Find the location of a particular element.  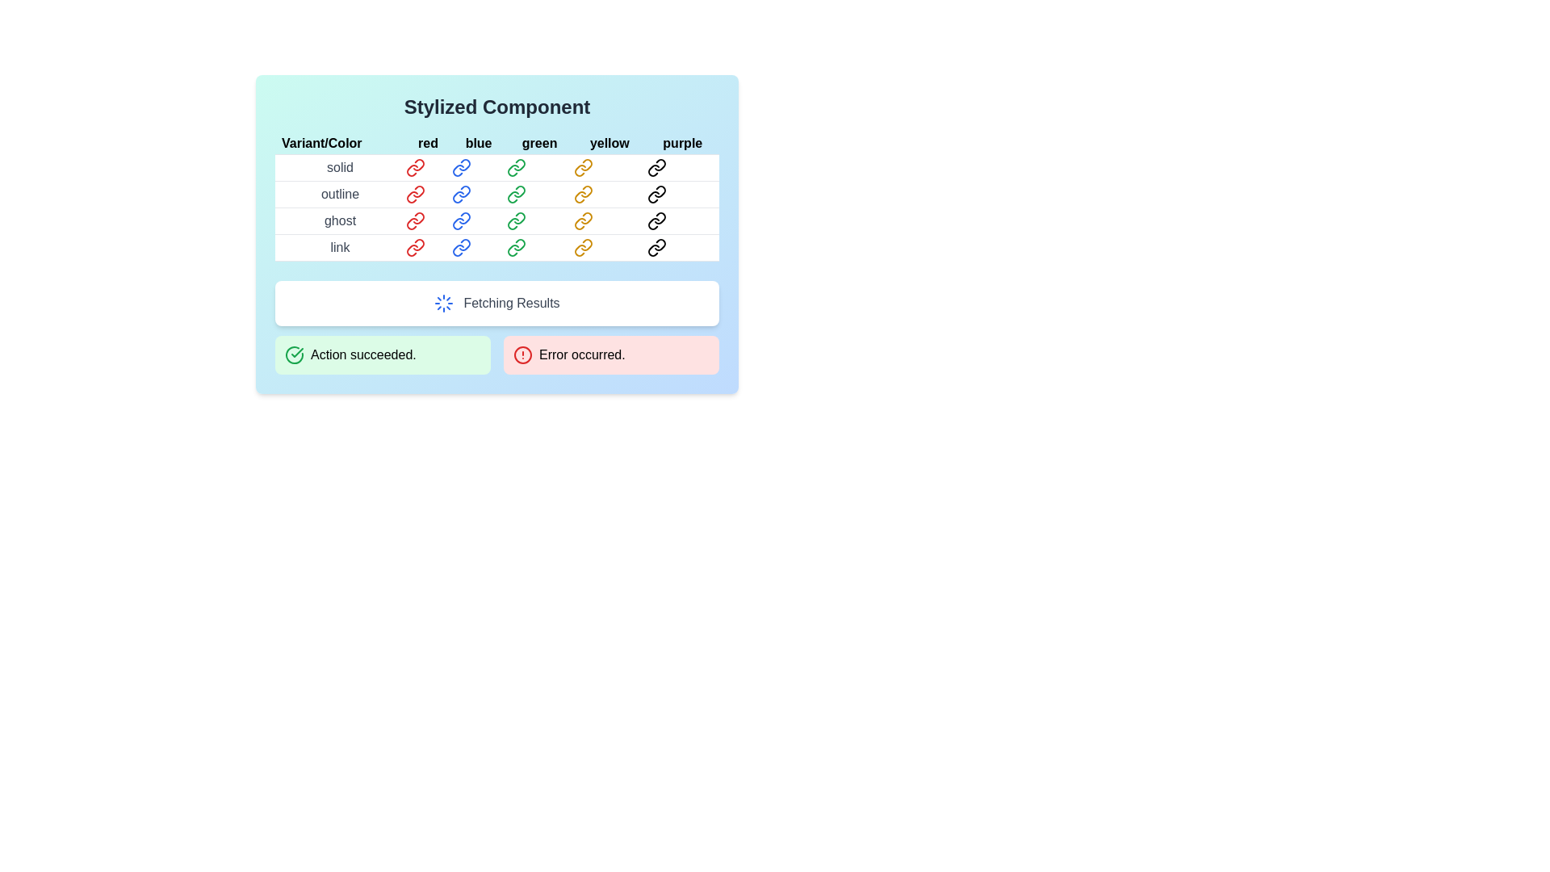

the SVG icon representing a link located is located at coordinates (656, 248).